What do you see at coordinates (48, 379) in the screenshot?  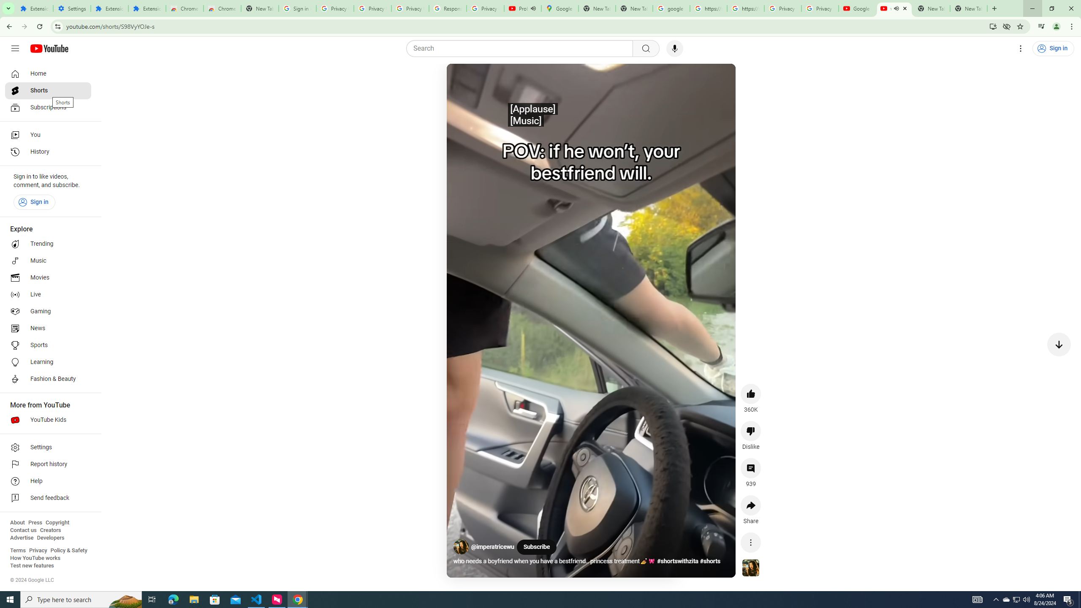 I see `'Fashion & Beauty'` at bounding box center [48, 379].